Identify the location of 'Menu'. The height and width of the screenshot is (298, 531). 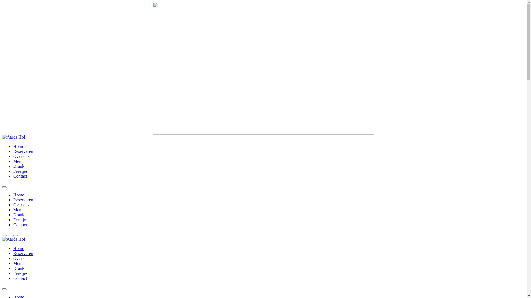
(13, 210).